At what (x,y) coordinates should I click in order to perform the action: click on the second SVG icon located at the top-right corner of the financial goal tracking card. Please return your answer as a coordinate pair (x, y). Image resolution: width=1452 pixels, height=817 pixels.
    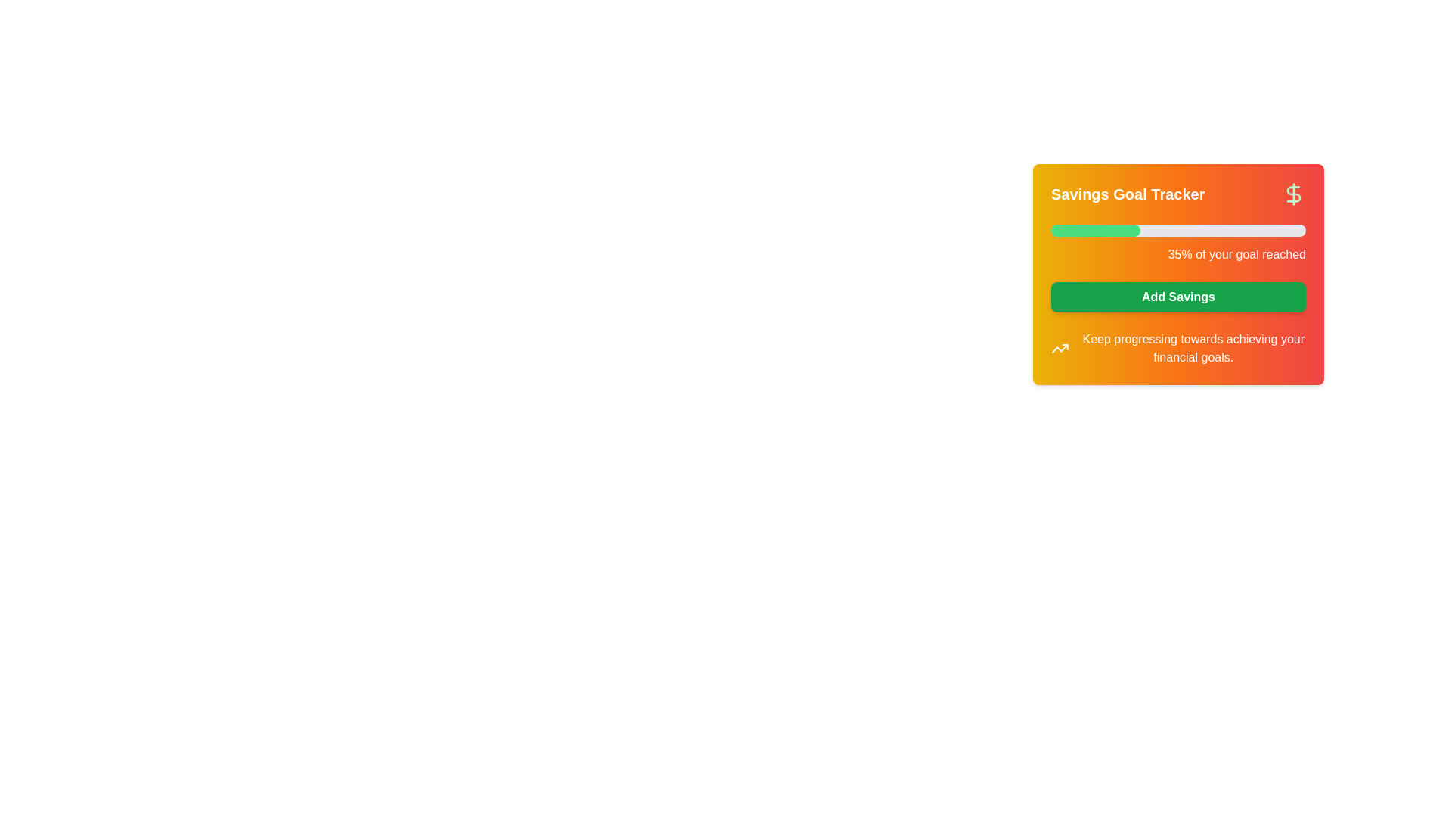
    Looking at the image, I should click on (1292, 194).